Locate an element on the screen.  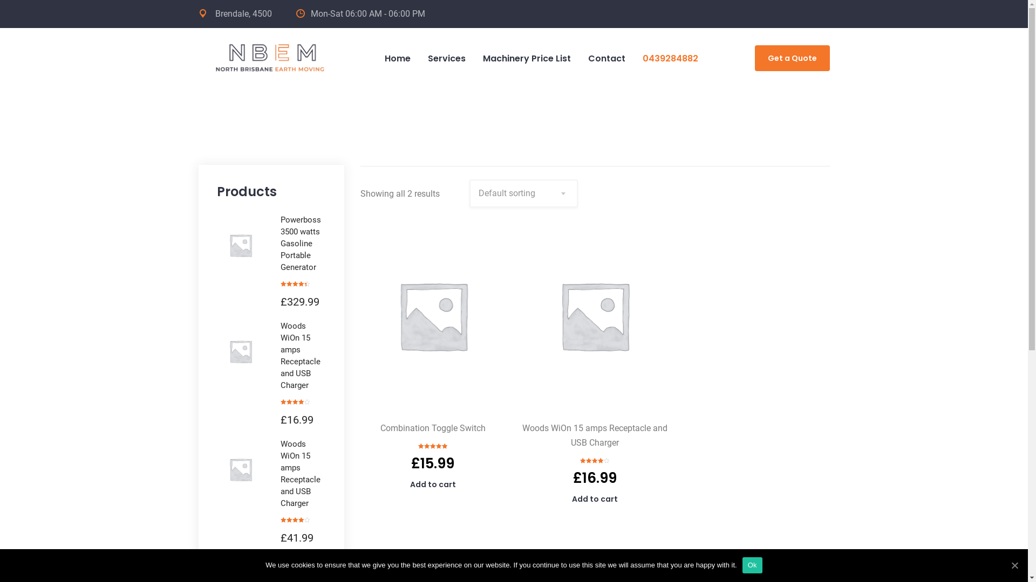
'Services' is located at coordinates (418, 58).